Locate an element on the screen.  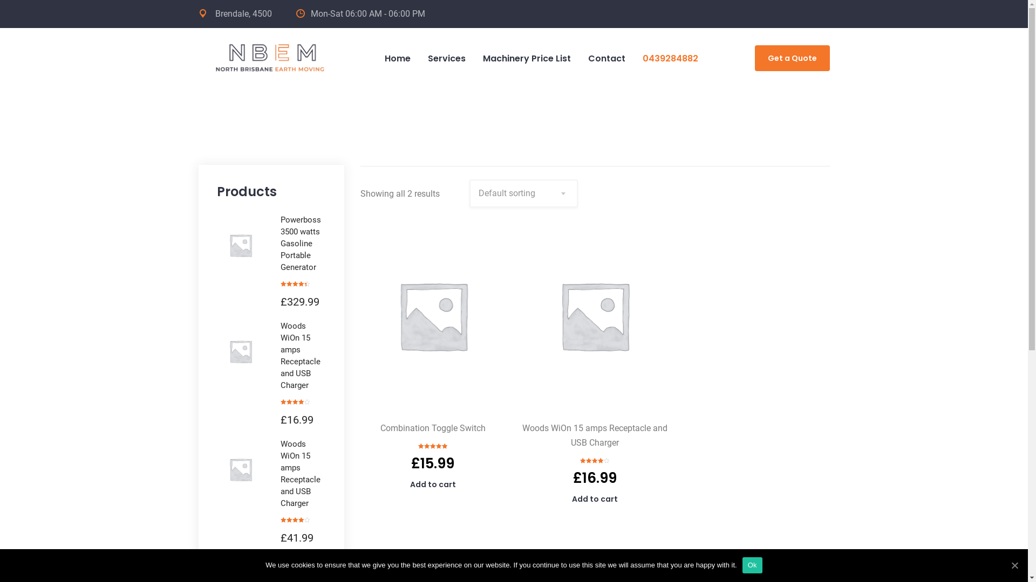
'Services' is located at coordinates (418, 58).